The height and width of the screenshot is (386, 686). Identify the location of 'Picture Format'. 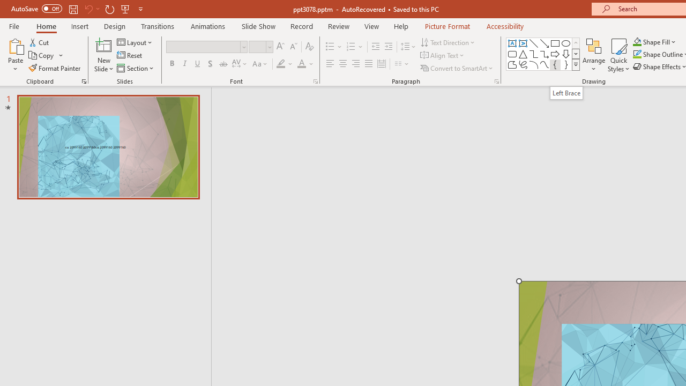
(448, 26).